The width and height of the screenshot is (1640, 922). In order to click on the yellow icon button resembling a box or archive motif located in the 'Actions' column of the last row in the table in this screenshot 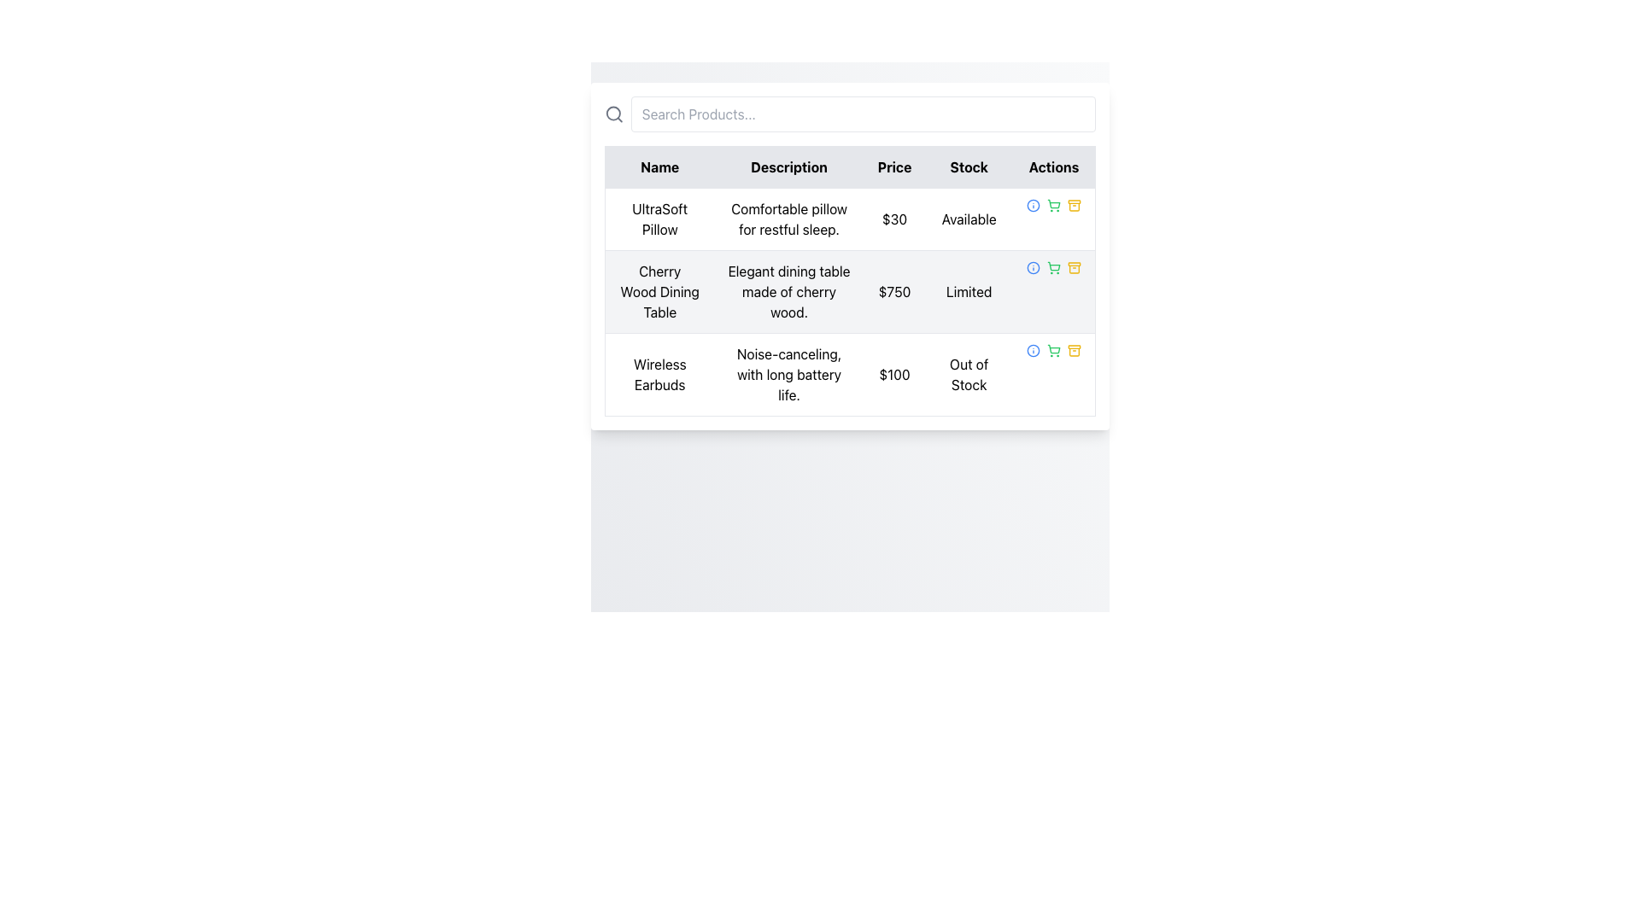, I will do `click(1073, 350)`.